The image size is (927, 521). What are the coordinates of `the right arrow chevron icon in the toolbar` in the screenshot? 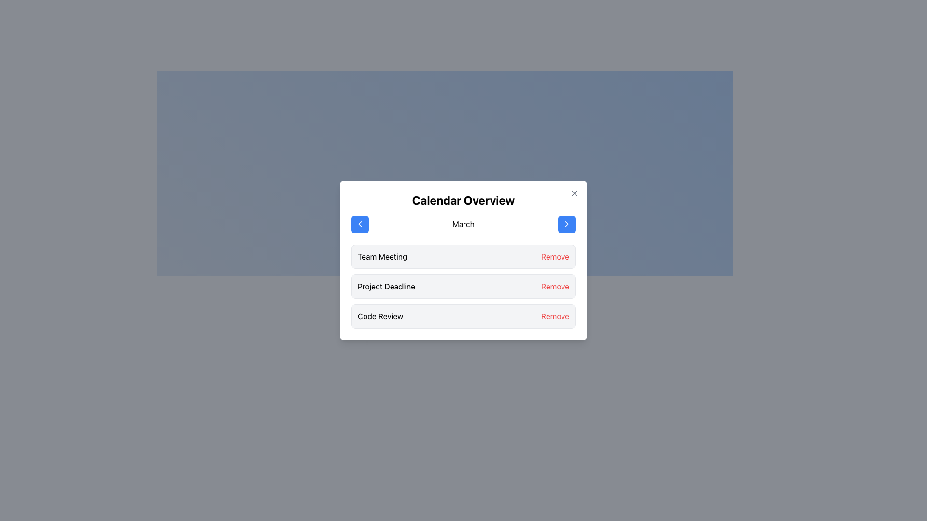 It's located at (566, 224).